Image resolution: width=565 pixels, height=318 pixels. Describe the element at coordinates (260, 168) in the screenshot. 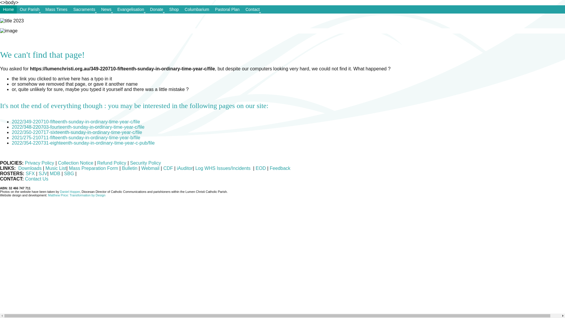

I see `'EOD'` at that location.